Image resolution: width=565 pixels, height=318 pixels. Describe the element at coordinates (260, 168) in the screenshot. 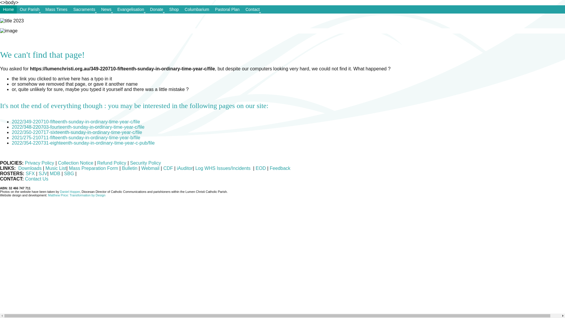

I see `'EOD'` at that location.